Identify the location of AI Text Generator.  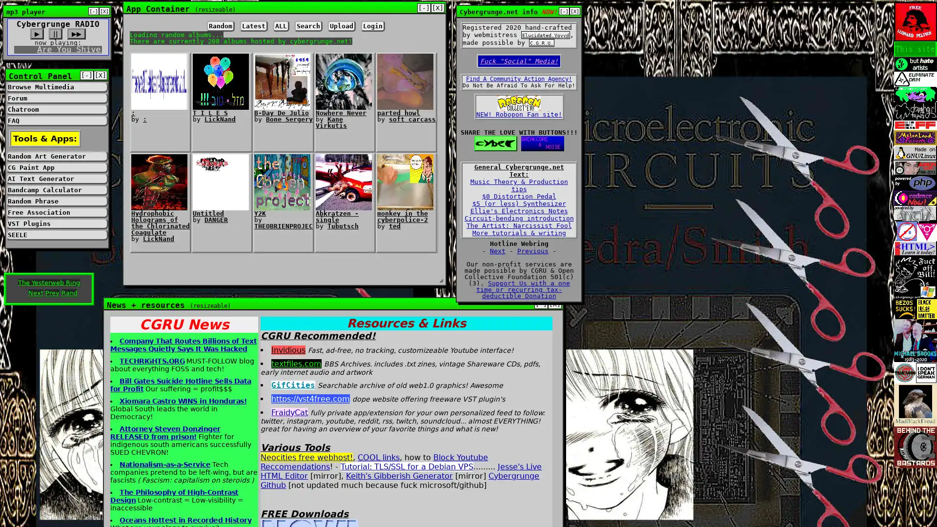
(56, 179).